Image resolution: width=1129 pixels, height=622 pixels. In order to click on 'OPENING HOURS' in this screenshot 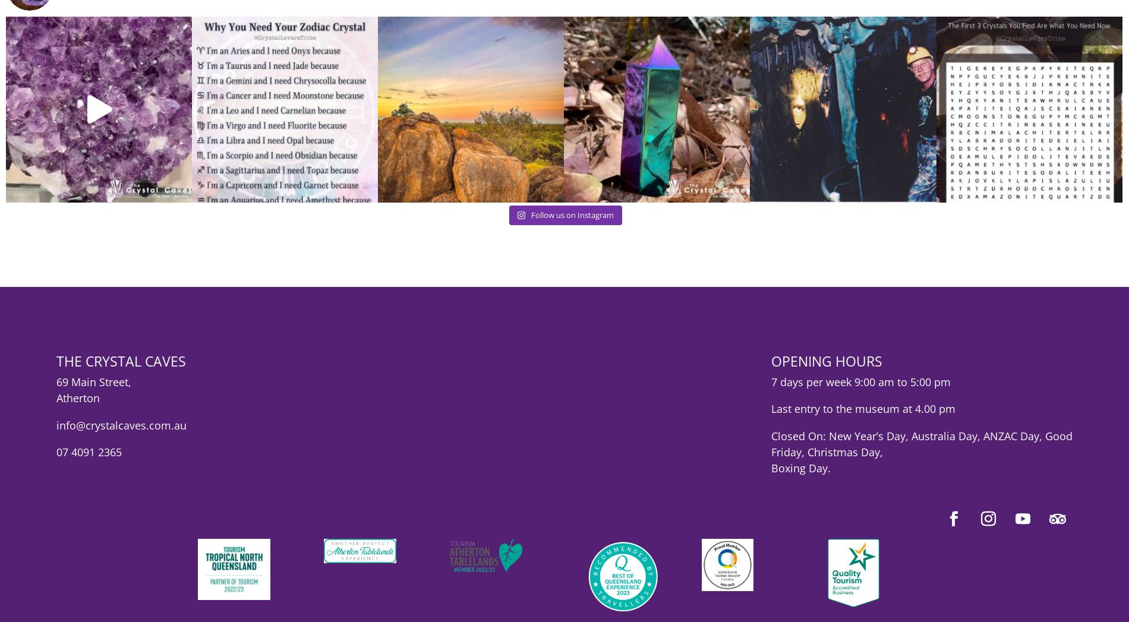, I will do `click(825, 370)`.